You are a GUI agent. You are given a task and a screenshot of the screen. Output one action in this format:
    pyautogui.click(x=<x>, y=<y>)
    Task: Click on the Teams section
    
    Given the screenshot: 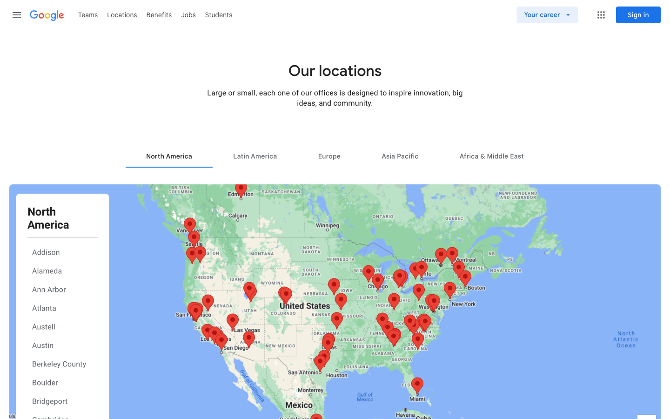 What is the action you would take?
    pyautogui.click(x=88, y=14)
    